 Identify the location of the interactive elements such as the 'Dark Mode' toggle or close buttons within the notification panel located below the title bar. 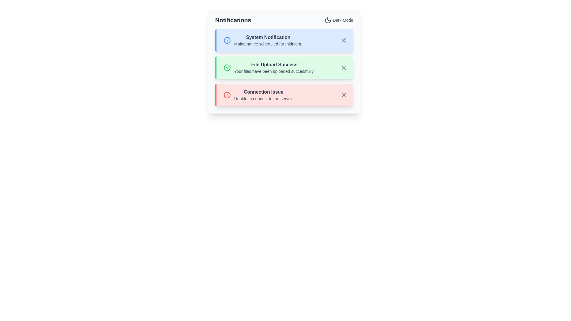
(284, 61).